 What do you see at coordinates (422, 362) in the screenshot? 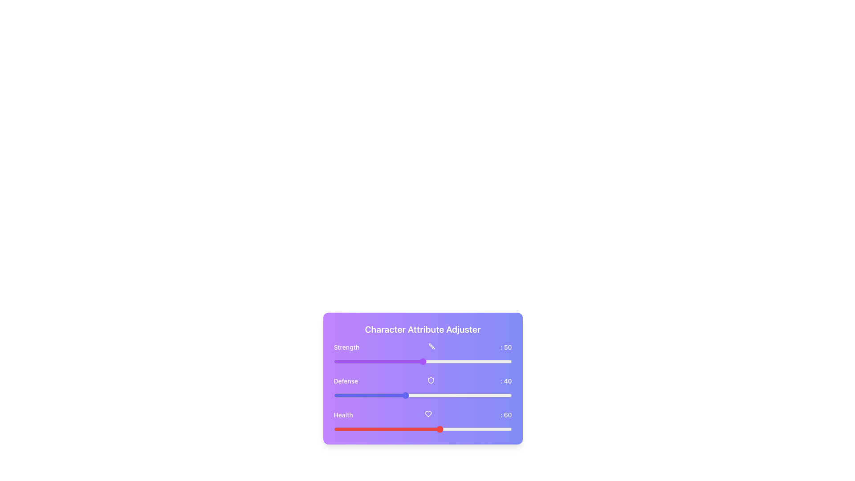
I see `the Strength attribute` at bounding box center [422, 362].